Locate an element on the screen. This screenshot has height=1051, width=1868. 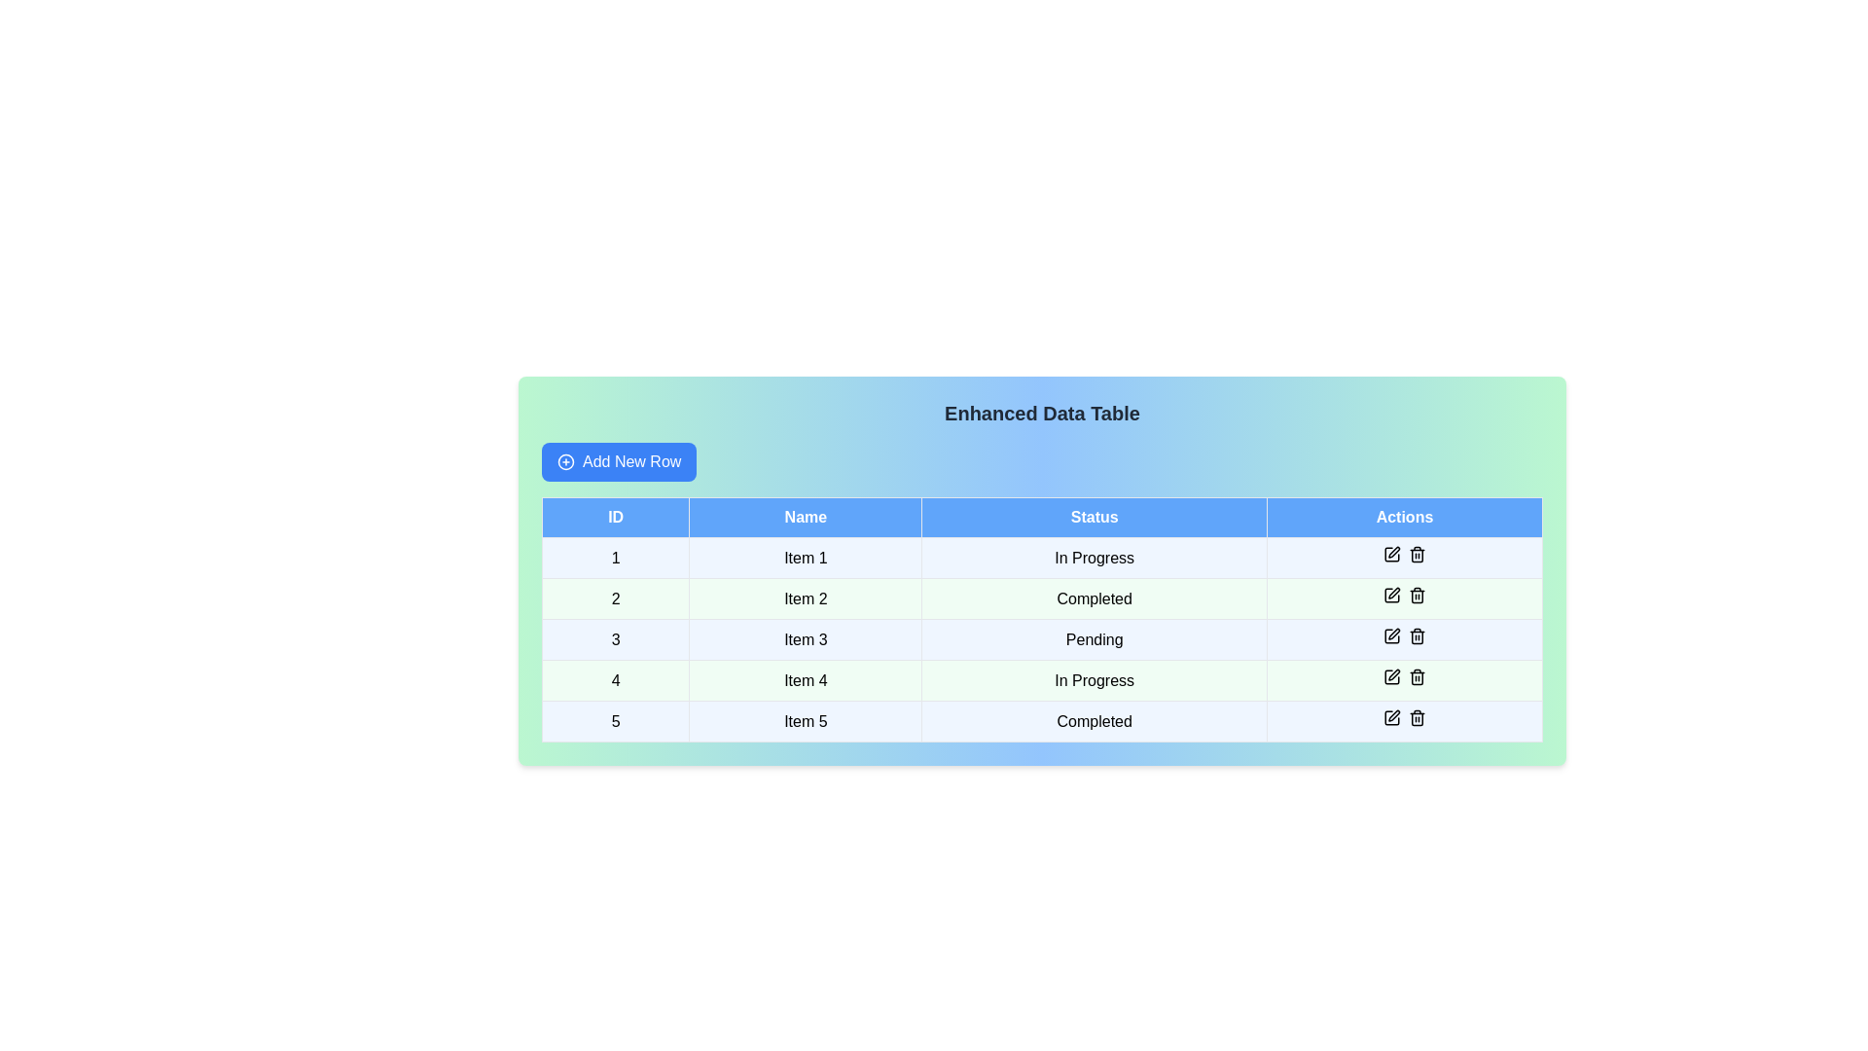
the static text cell in the fifth row of the data table under the 'Status' column, which displays the completion status of the associated item, adjacent to 'Item 5' is located at coordinates (1095, 721).